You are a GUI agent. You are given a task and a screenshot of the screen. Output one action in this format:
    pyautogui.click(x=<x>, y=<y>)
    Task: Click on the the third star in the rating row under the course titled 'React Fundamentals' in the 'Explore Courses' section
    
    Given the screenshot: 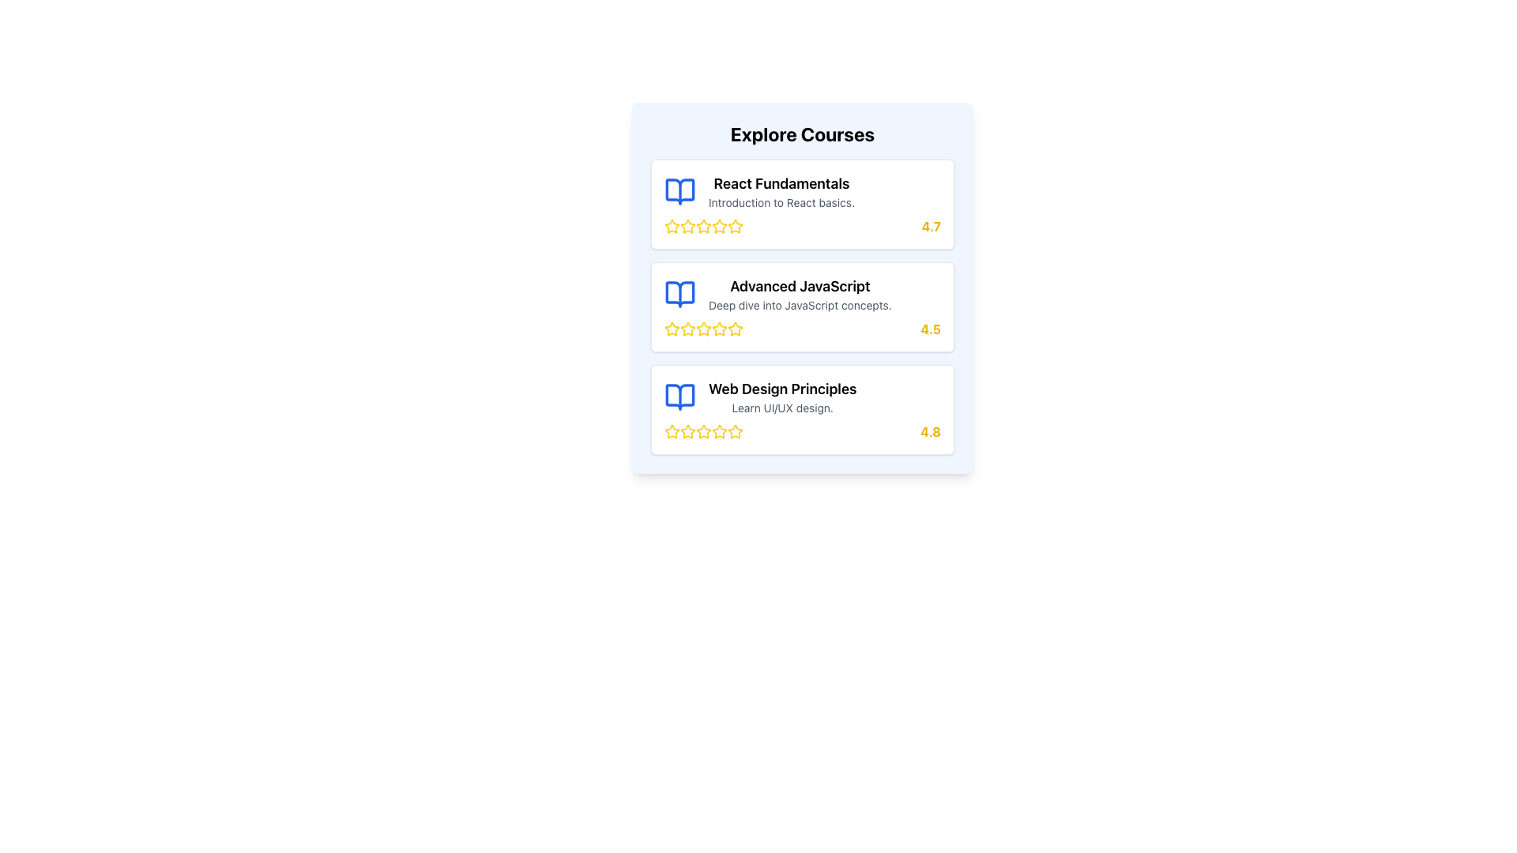 What is the action you would take?
    pyautogui.click(x=703, y=226)
    